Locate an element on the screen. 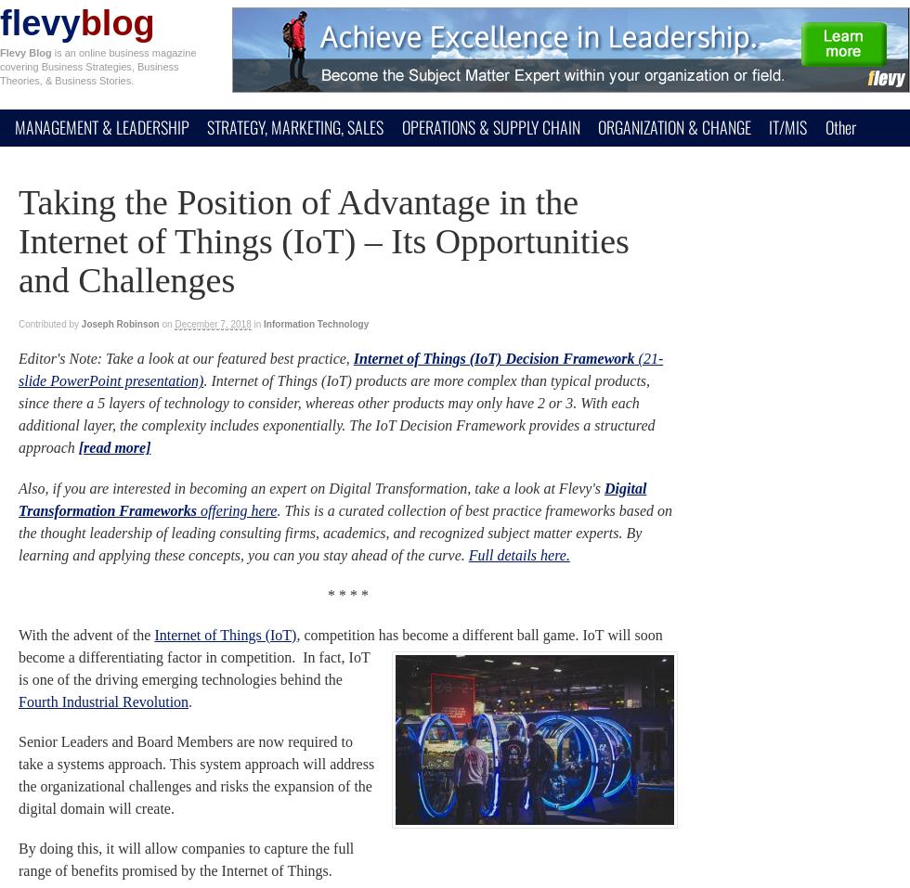 The width and height of the screenshot is (910, 888). '* * * *' is located at coordinates (348, 593).